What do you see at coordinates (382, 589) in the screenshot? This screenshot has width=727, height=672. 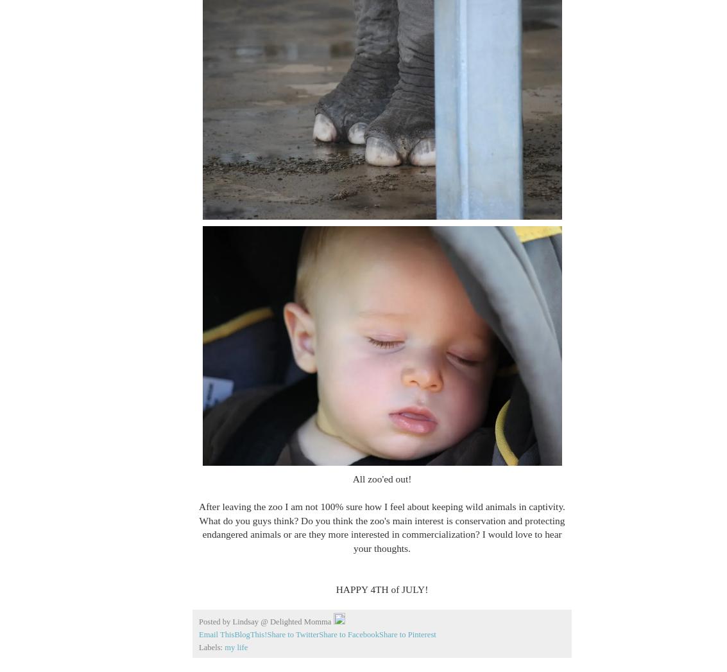 I see `'HAPPY 4TH of JULY!'` at bounding box center [382, 589].